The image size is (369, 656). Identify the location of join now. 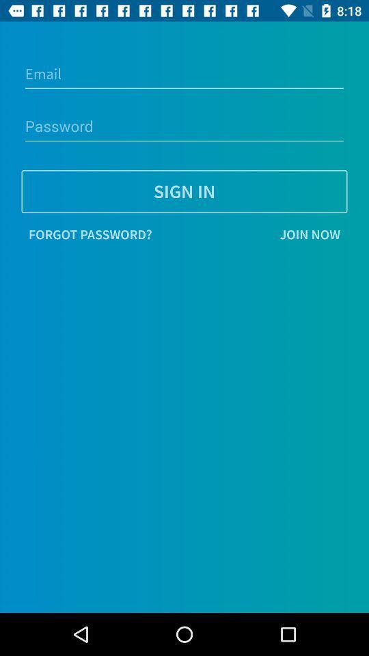
(252, 234).